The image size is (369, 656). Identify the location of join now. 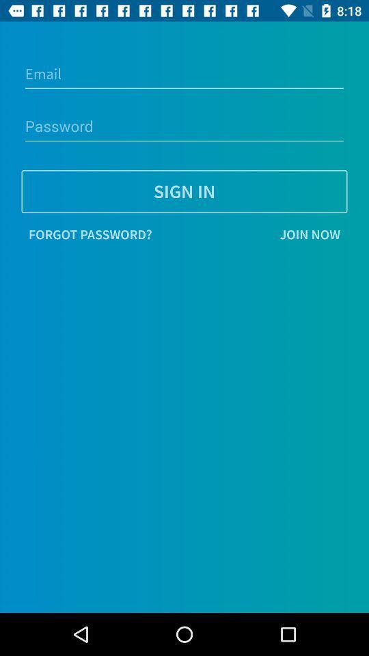
(252, 234).